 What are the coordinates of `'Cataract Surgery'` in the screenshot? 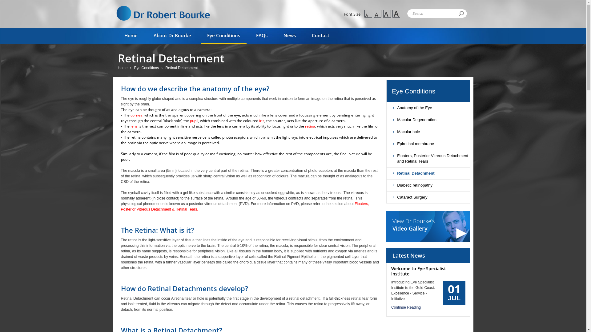 It's located at (386, 197).